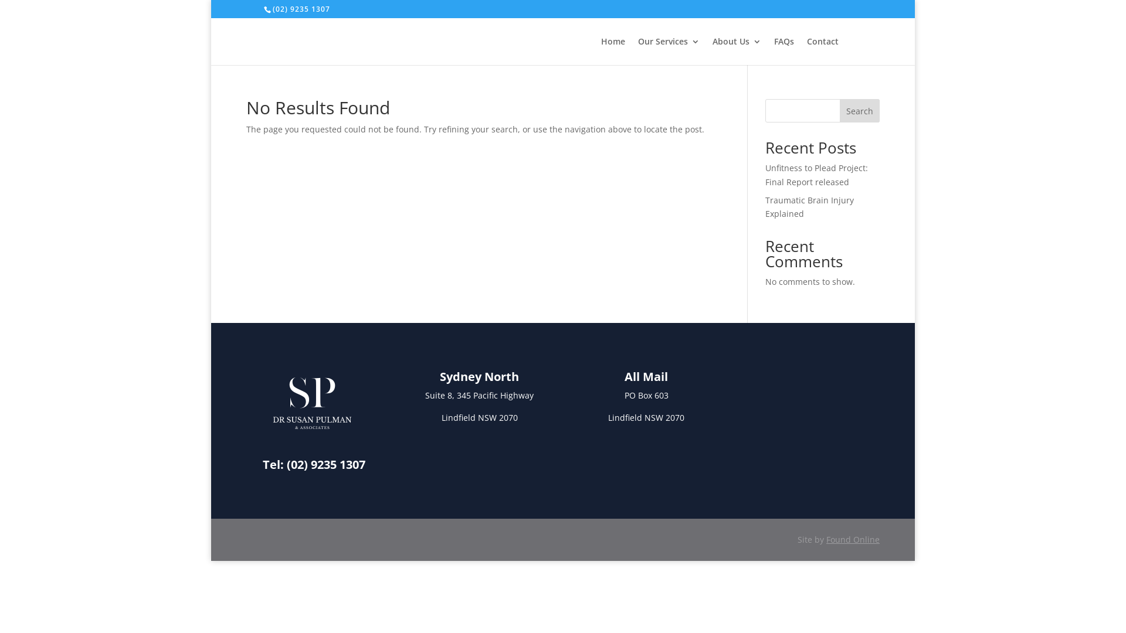 The width and height of the screenshot is (1126, 633). I want to click on 'logo_white_transparent', so click(312, 402).